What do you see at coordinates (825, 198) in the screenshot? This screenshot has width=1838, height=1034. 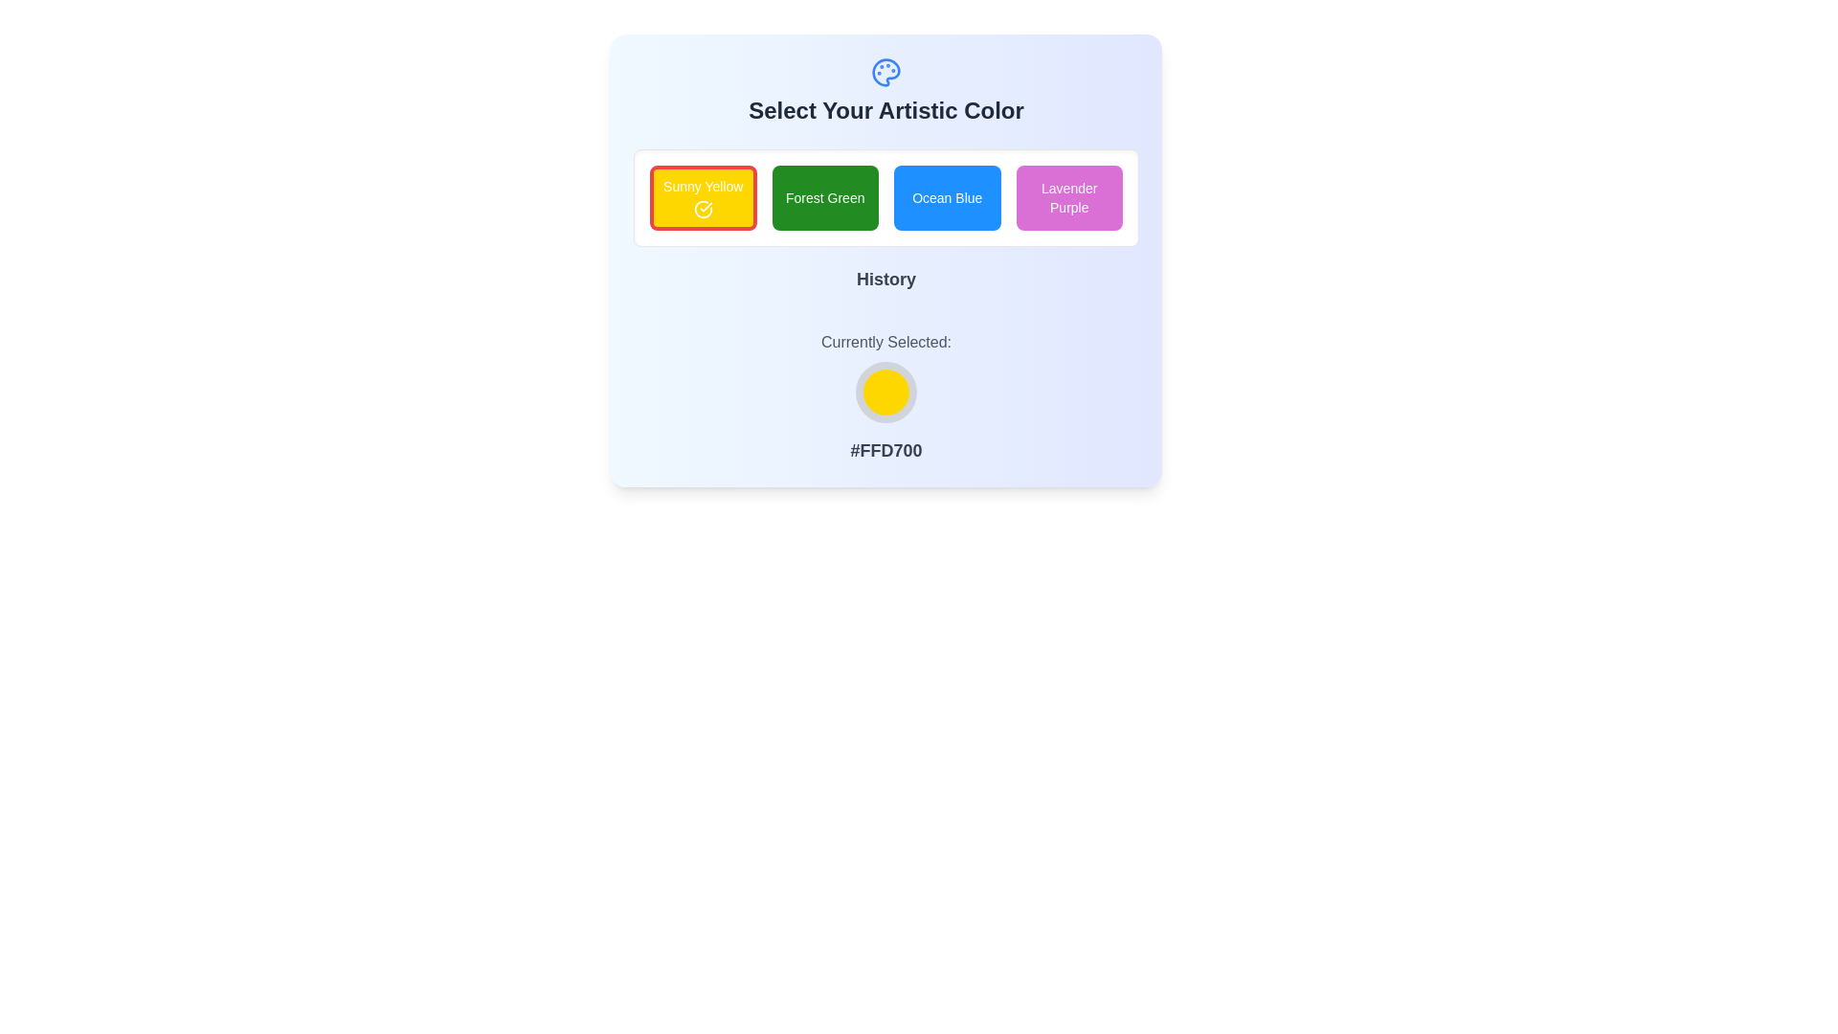 I see `the 'Forest Green' color selection button, which is the second button in a row of color buttons` at bounding box center [825, 198].